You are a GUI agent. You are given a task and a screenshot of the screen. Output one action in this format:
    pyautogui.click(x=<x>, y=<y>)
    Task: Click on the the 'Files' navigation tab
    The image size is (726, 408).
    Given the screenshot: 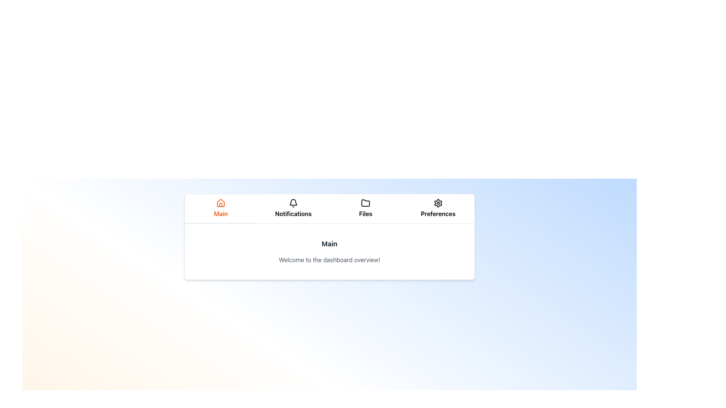 What is the action you would take?
    pyautogui.click(x=366, y=209)
    